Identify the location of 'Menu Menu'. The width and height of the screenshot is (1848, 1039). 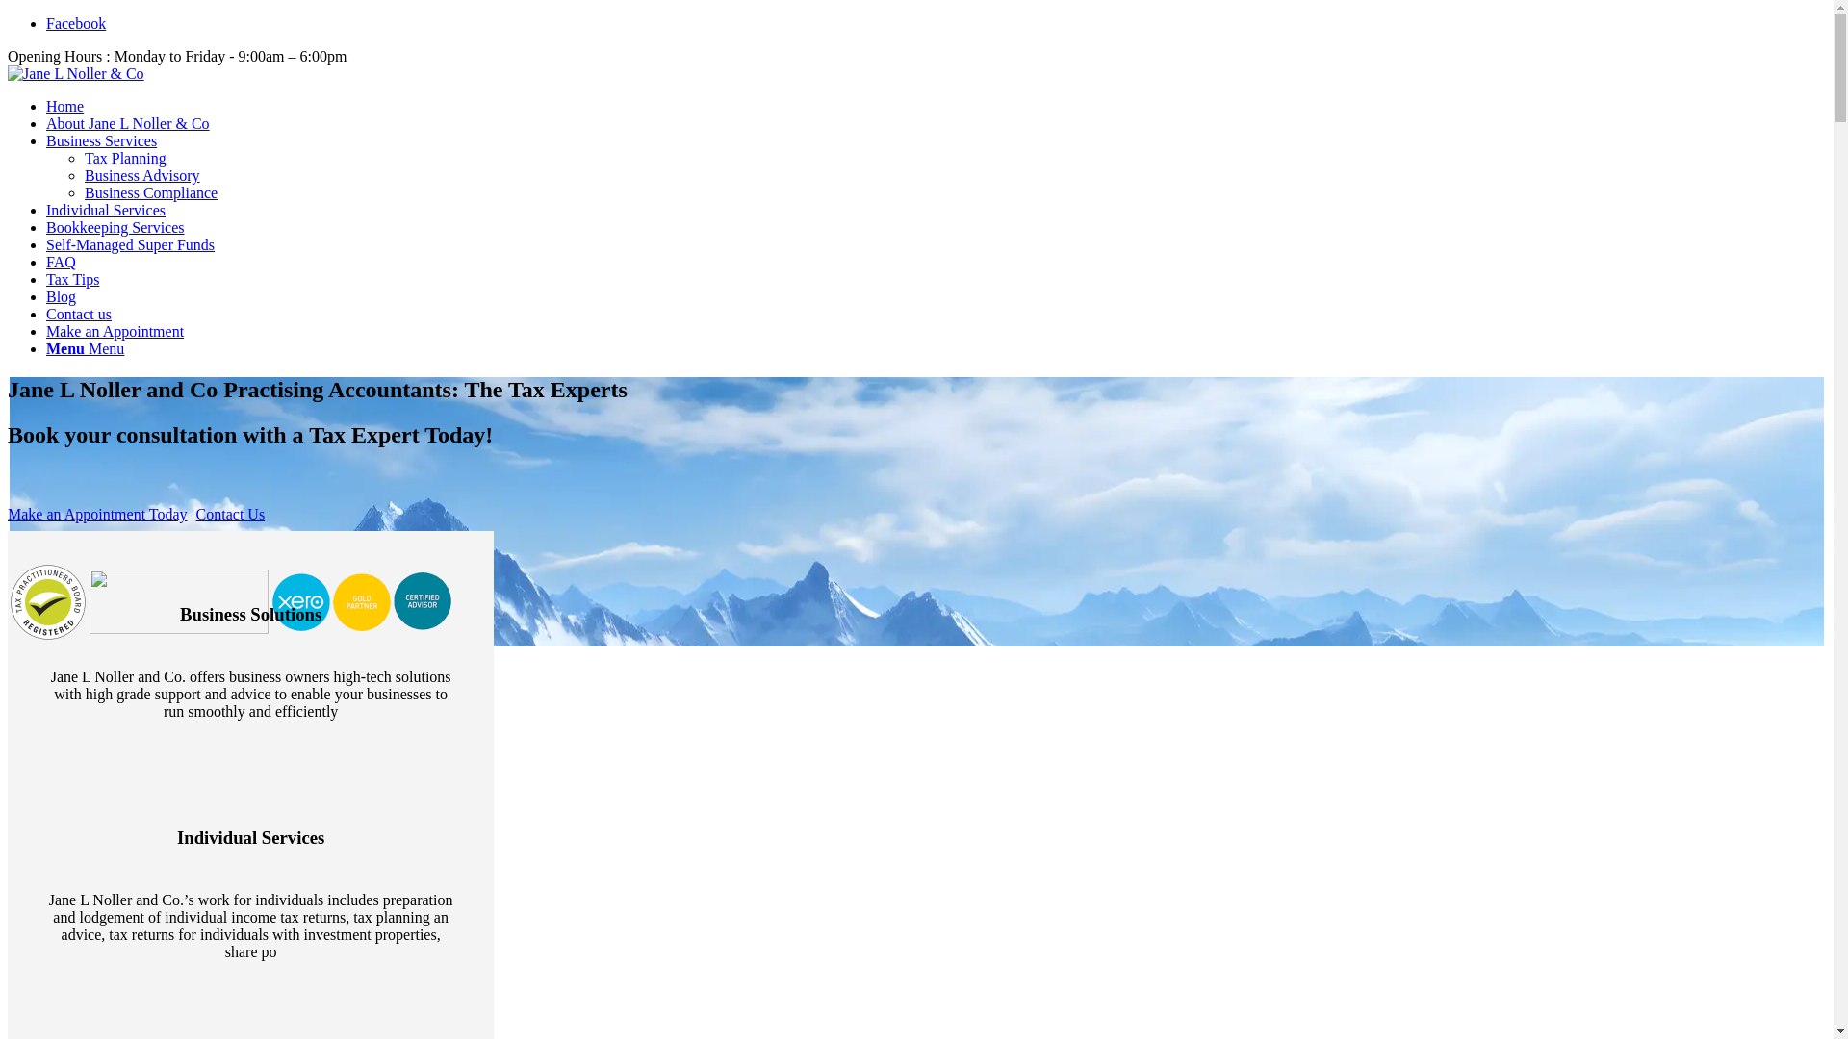
(84, 348).